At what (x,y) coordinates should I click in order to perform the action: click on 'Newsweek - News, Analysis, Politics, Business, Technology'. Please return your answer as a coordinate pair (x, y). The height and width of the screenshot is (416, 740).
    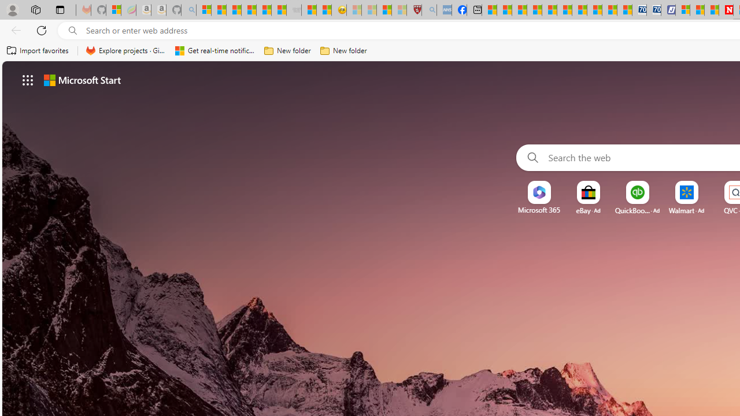
    Looking at the image, I should click on (726, 10).